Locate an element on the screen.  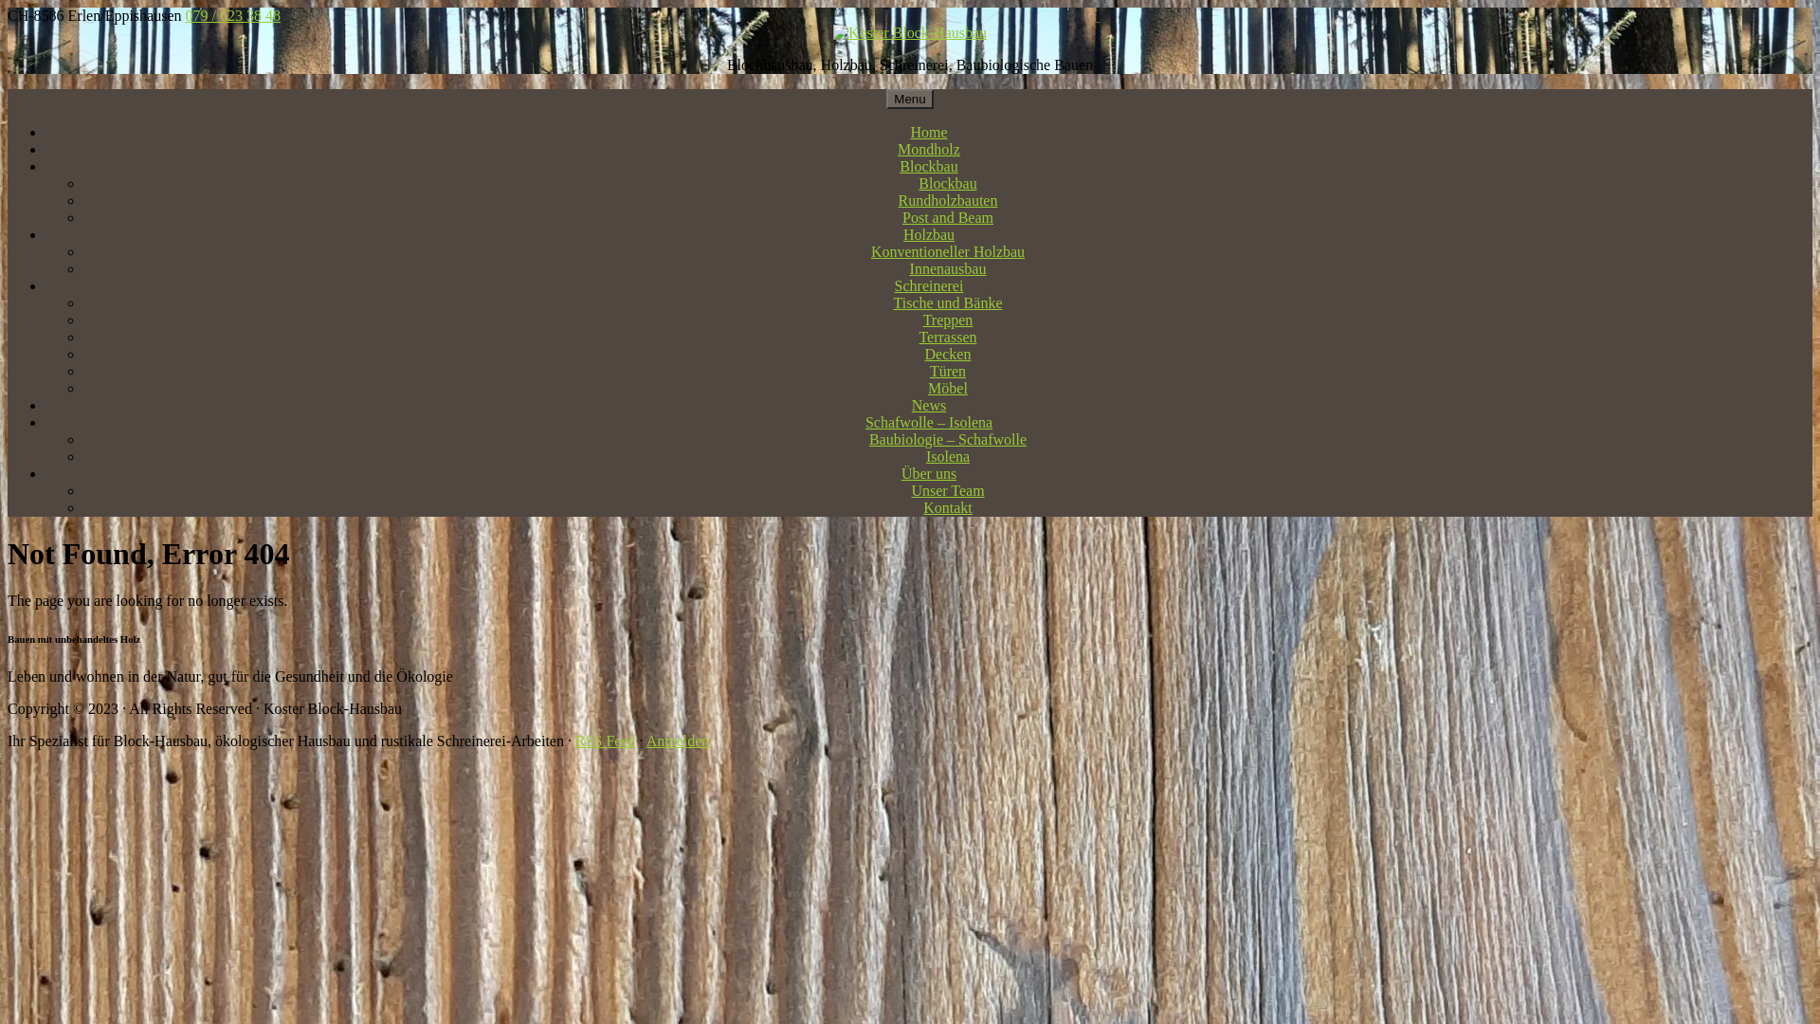
'Schreinerei' is located at coordinates (929, 285).